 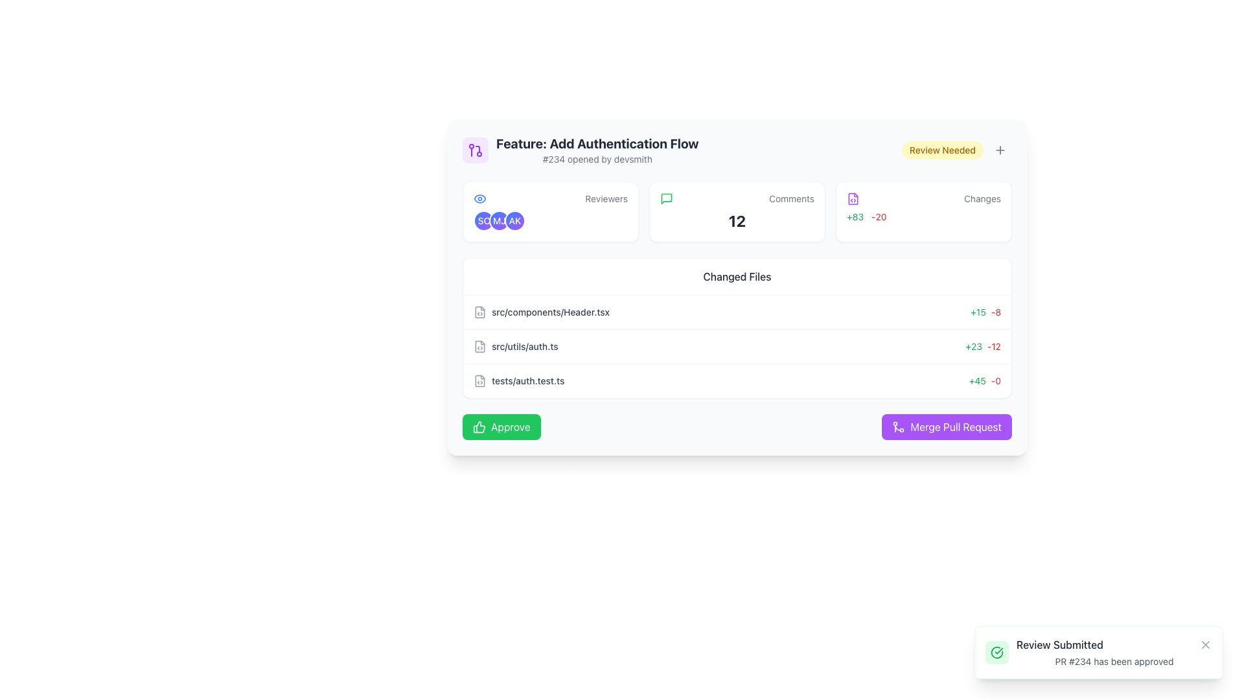 I want to click on the comments icon located in the comments section, which serves as a visual indicator for user interaction with comments, so click(x=666, y=199).